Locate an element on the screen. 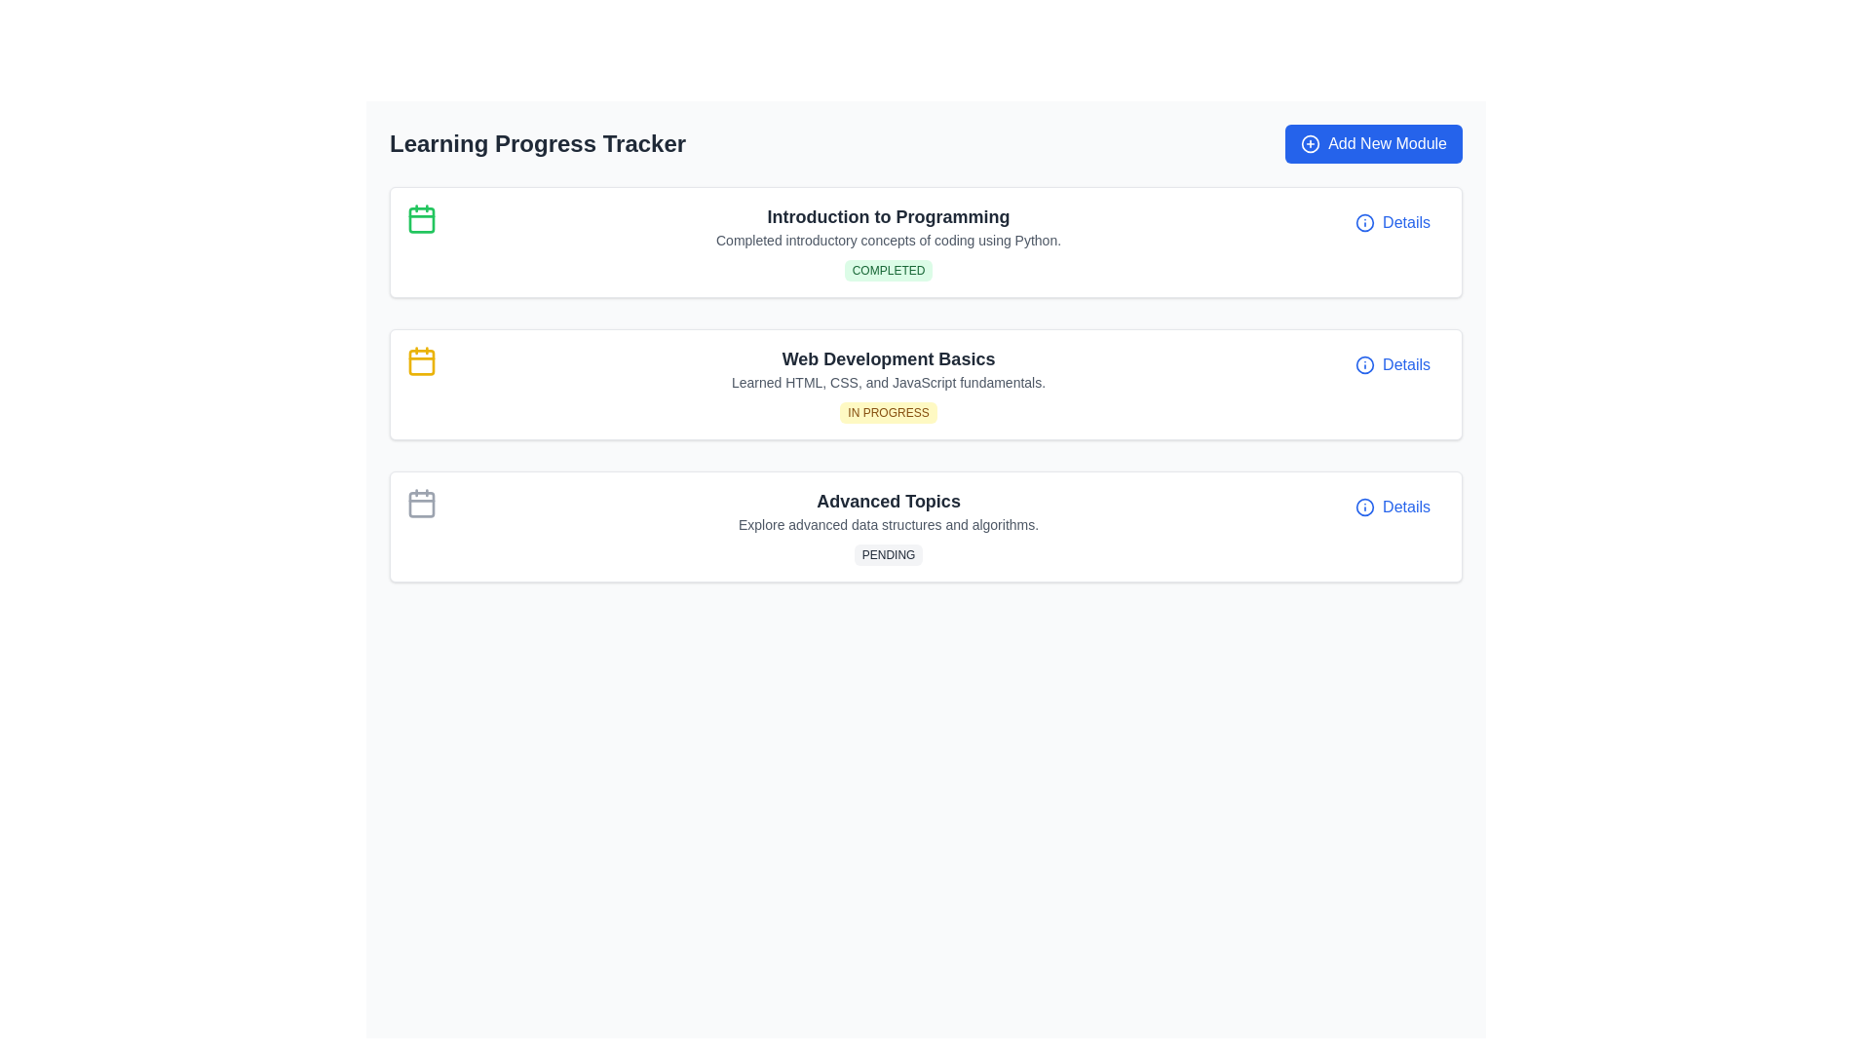 Image resolution: width=1871 pixels, height=1052 pixels. the static text label that reads 'Completed introductory concepts of coding using Python.' located beneath the title 'Introduction to Programming' is located at coordinates (888, 239).